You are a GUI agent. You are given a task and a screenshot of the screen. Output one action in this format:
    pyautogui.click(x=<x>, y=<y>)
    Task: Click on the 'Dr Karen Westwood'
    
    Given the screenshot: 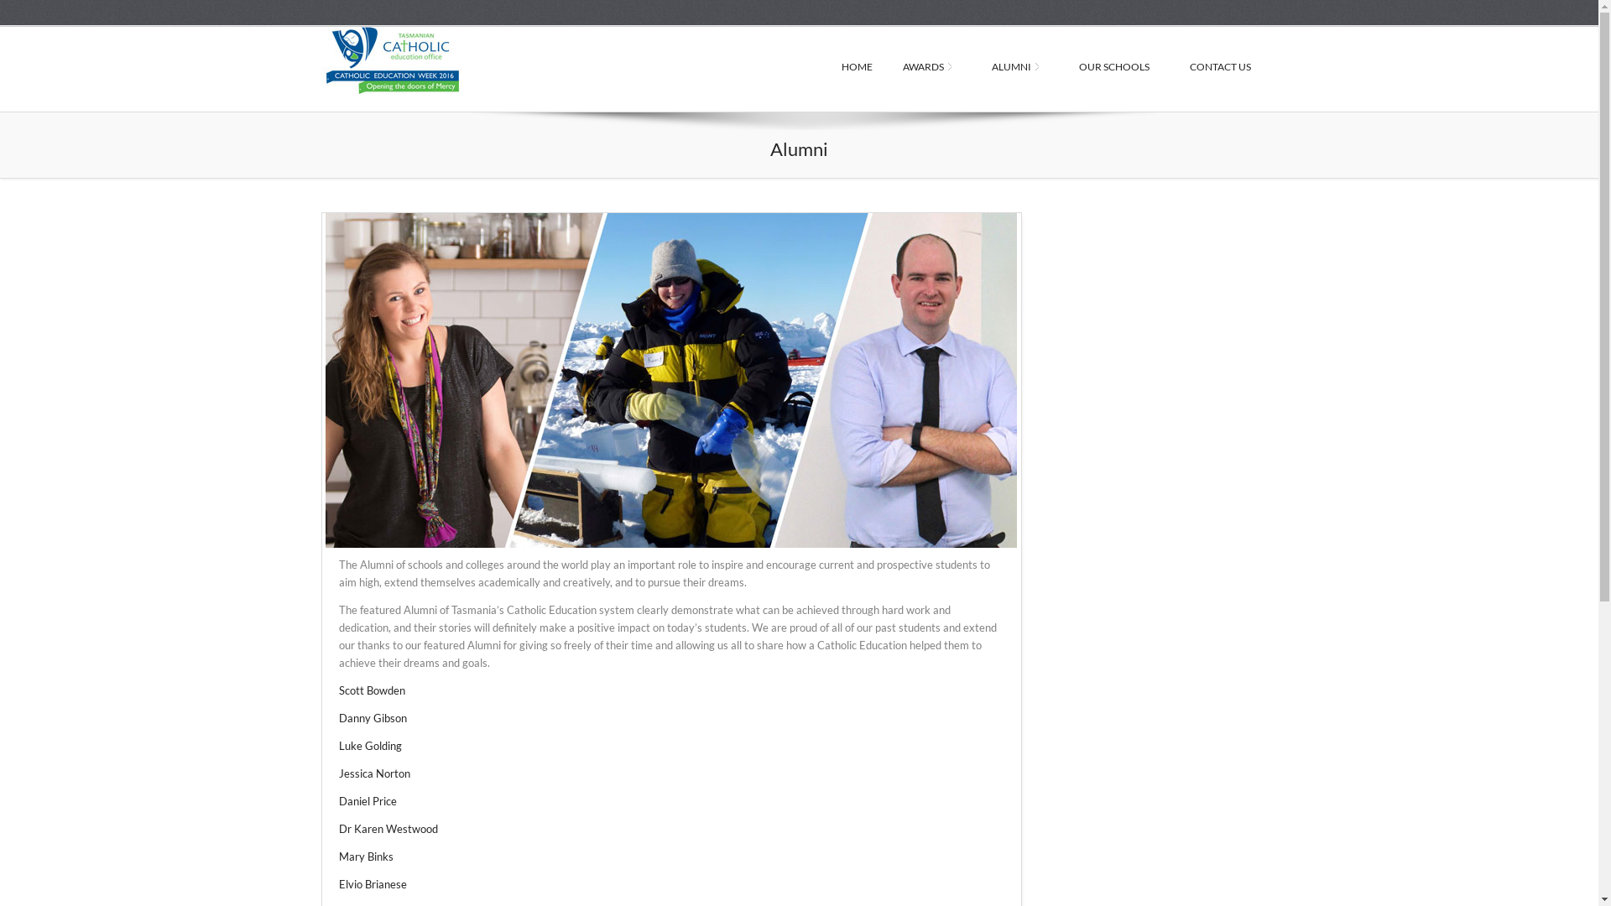 What is the action you would take?
    pyautogui.click(x=387, y=827)
    